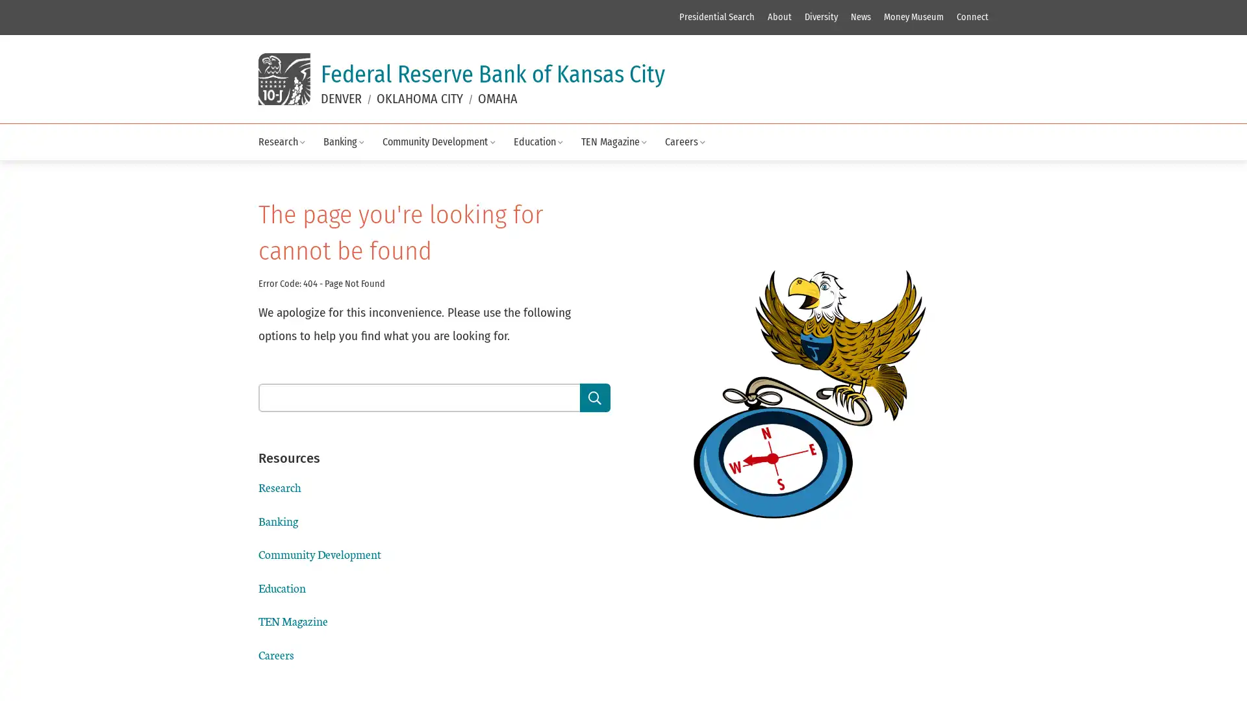  What do you see at coordinates (281, 141) in the screenshot?
I see `Research` at bounding box center [281, 141].